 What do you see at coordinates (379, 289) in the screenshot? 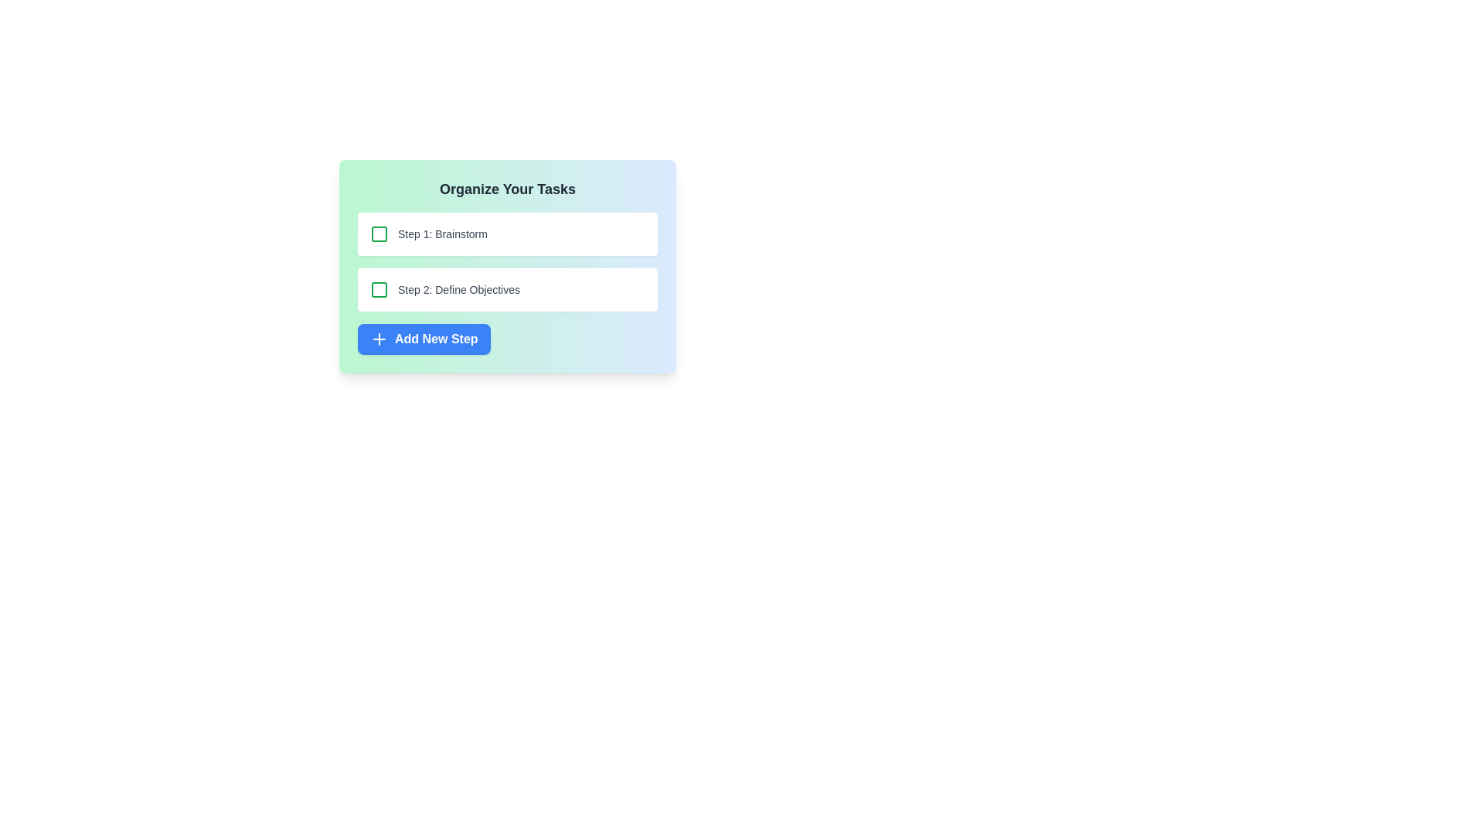
I see `the small square checkbox with a green border to the left of the text 'Step 2: Define Objectives' within the card labeled 'Step 2'` at bounding box center [379, 289].